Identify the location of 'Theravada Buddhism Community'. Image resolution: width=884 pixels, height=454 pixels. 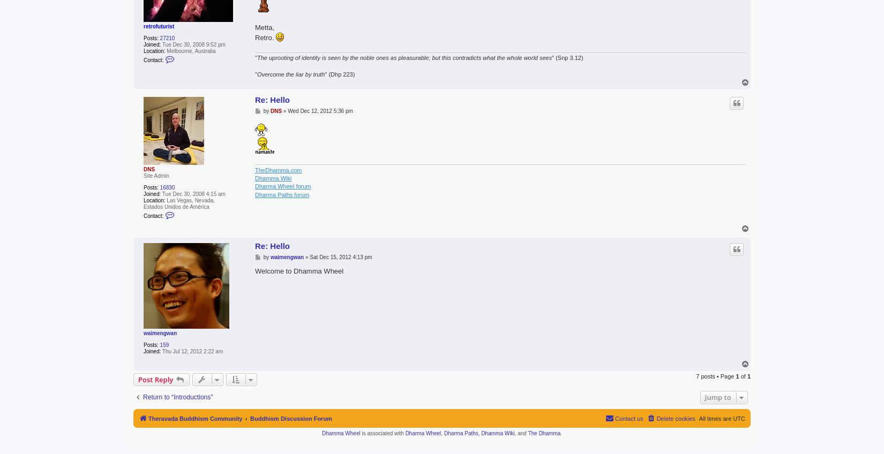
(195, 418).